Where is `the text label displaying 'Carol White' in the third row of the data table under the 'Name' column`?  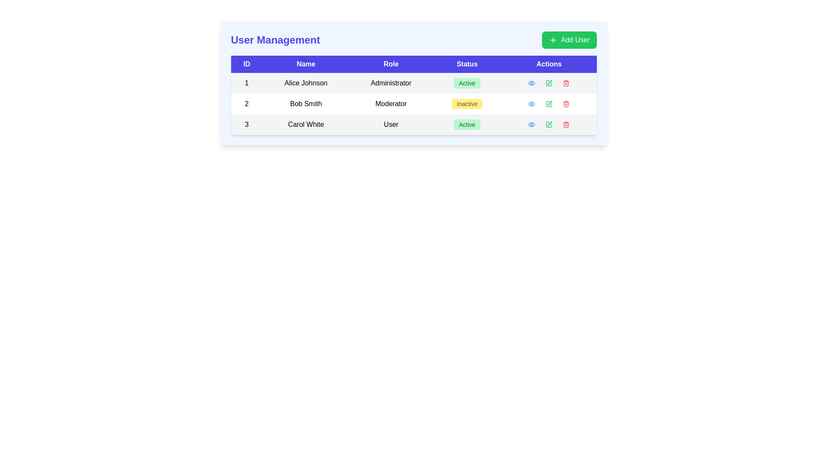
the text label displaying 'Carol White' in the third row of the data table under the 'Name' column is located at coordinates (306, 125).